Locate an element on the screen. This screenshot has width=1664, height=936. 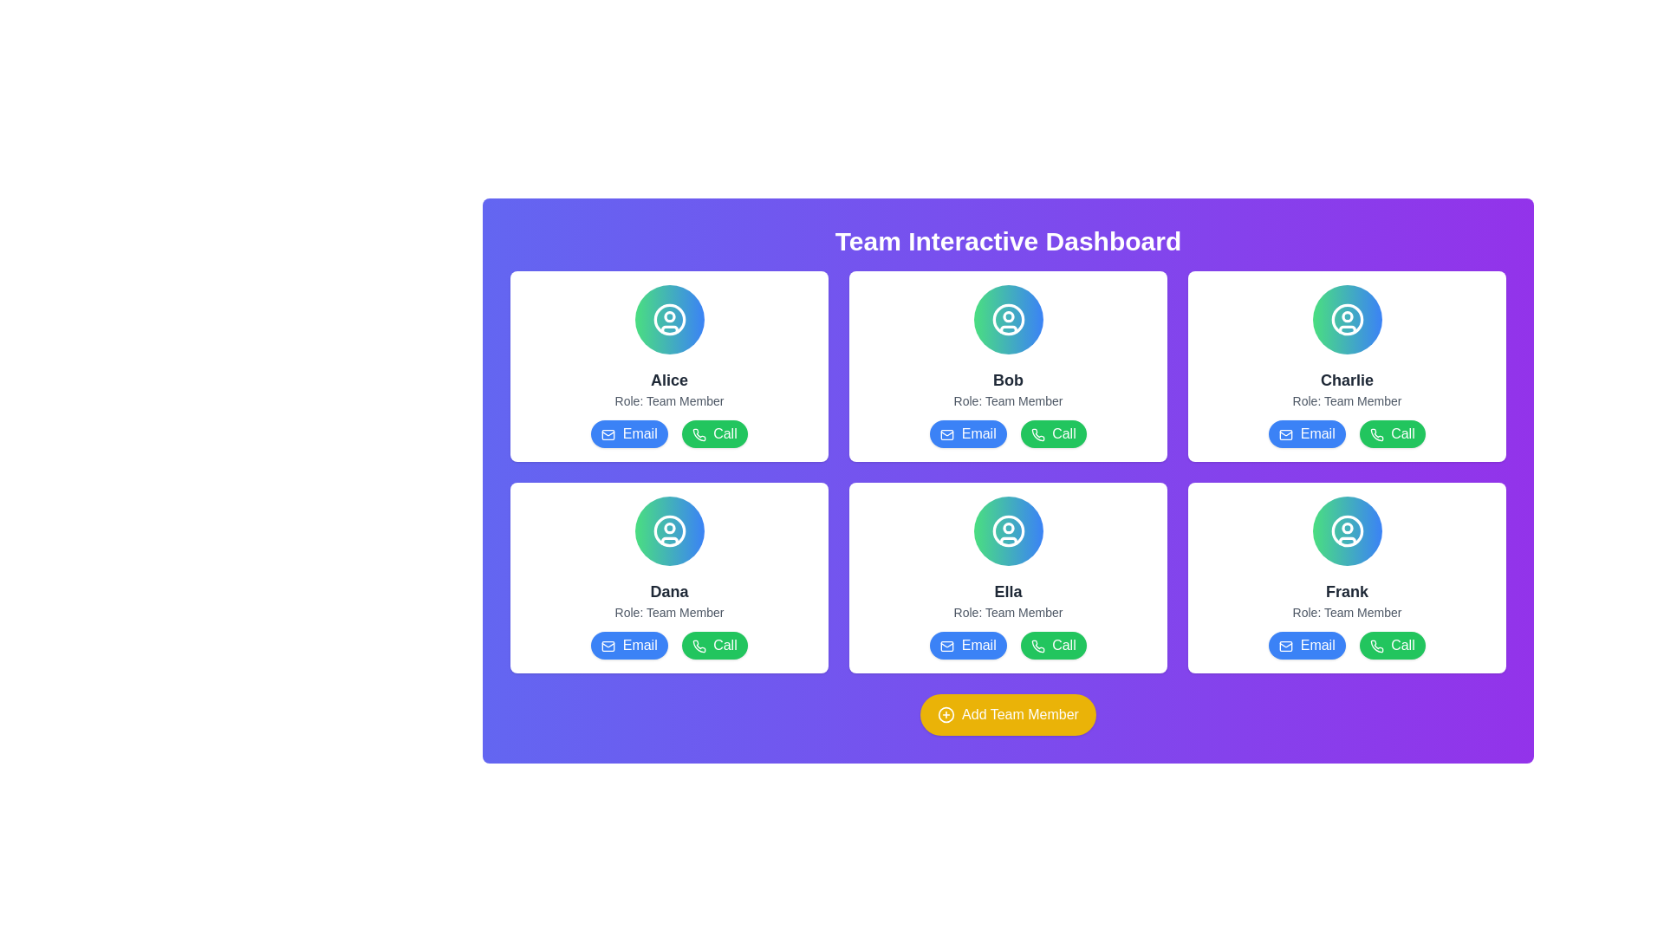
the Decorative Icon, which is a circular icon with a plus symbol inside, styled with a yellow background and white plus sign, located to the left of the 'Add Team Member' text at the bottom of the interface is located at coordinates (946, 715).